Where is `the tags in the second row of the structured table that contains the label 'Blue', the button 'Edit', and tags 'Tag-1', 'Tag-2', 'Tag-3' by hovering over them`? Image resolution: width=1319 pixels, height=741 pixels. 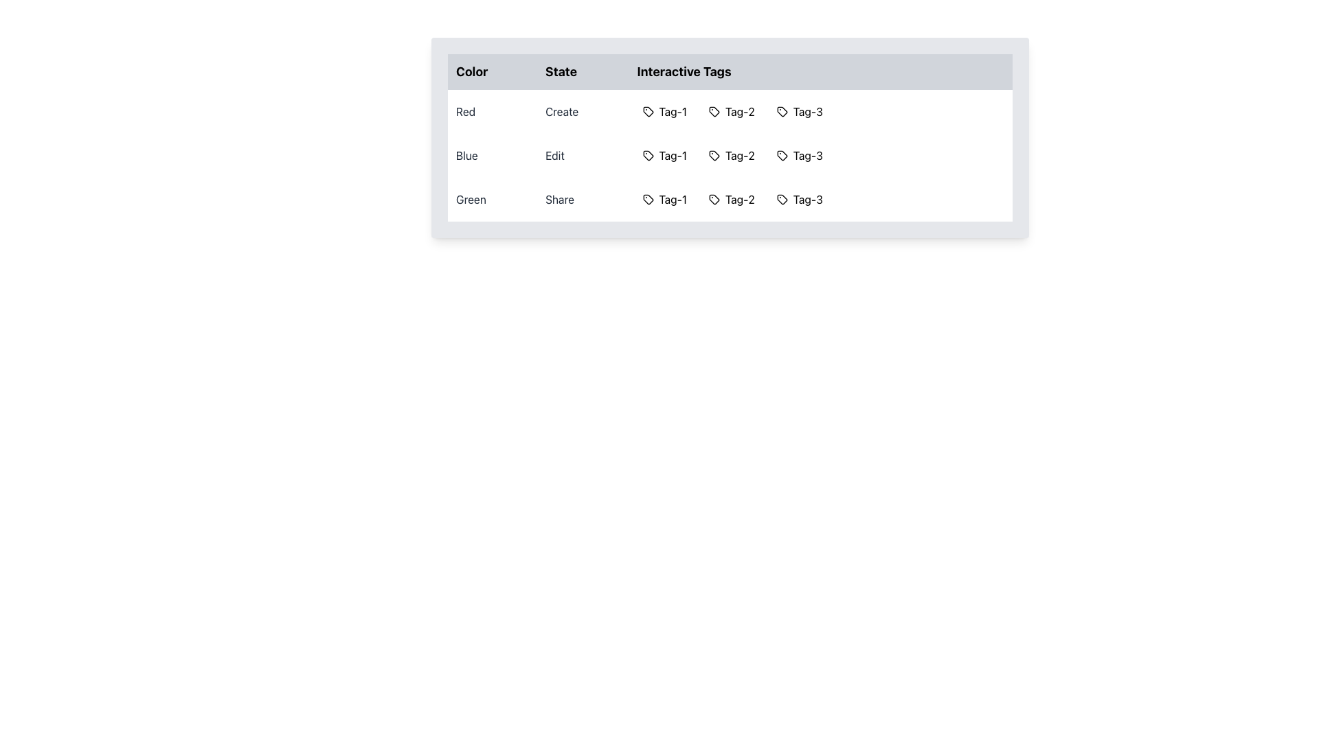 the tags in the second row of the structured table that contains the label 'Blue', the button 'Edit', and tags 'Tag-1', 'Tag-2', 'Tag-3' by hovering over them is located at coordinates (729, 155).